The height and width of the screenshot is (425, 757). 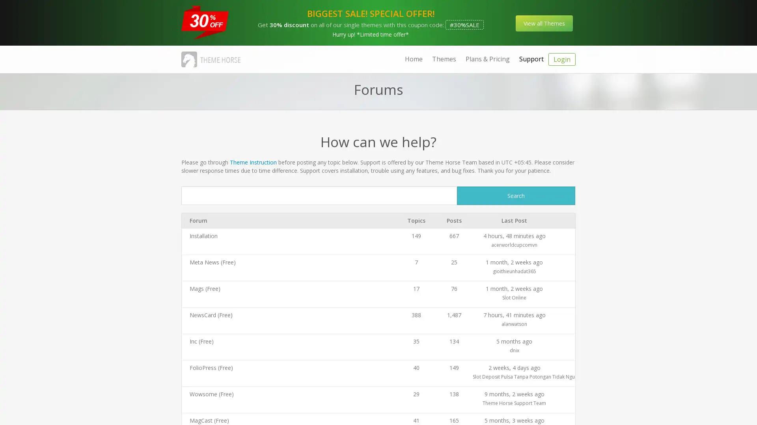 What do you see at coordinates (516, 195) in the screenshot?
I see `Search` at bounding box center [516, 195].